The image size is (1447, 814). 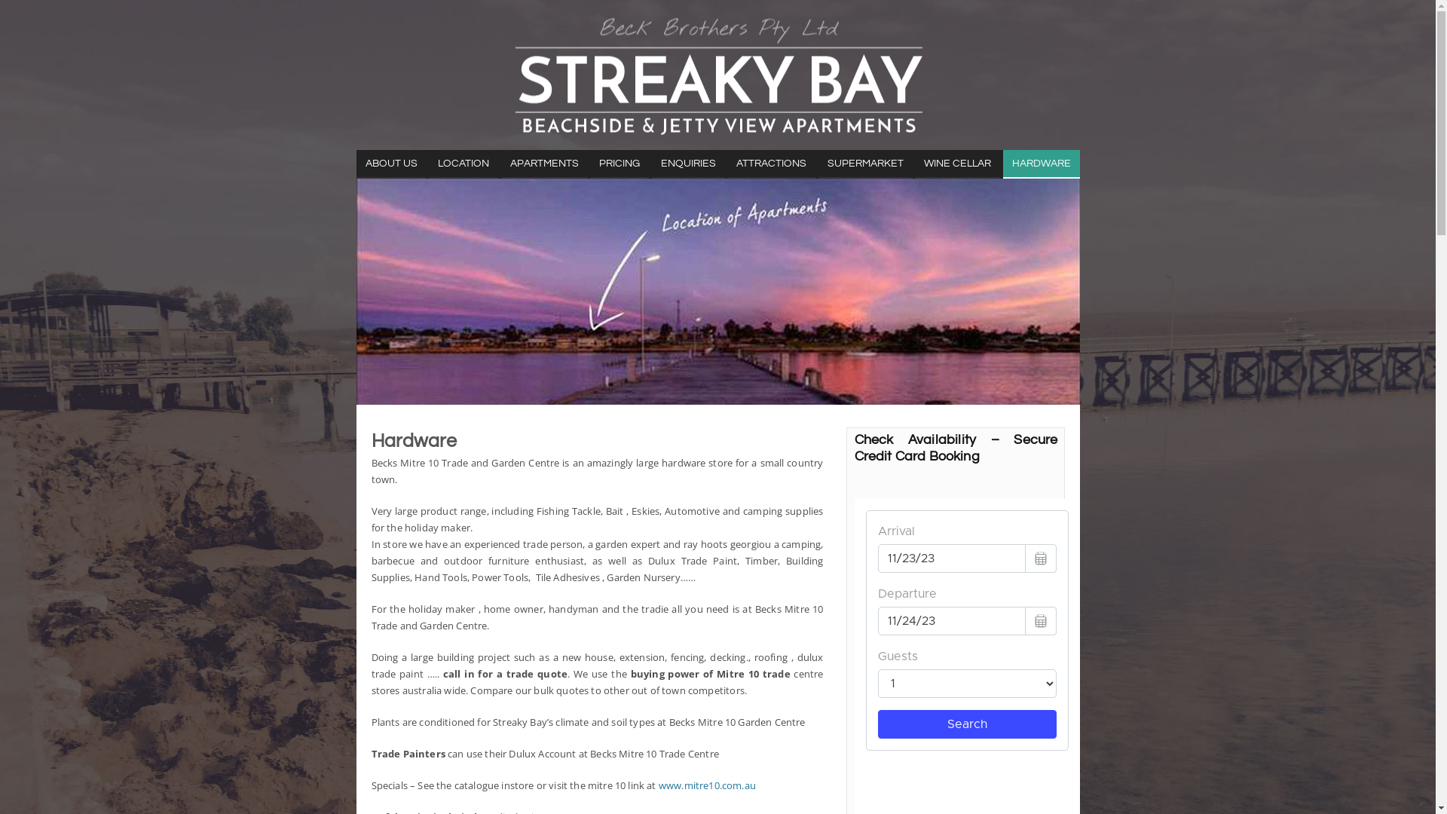 I want to click on 'APARTMENTS', so click(x=500, y=164).